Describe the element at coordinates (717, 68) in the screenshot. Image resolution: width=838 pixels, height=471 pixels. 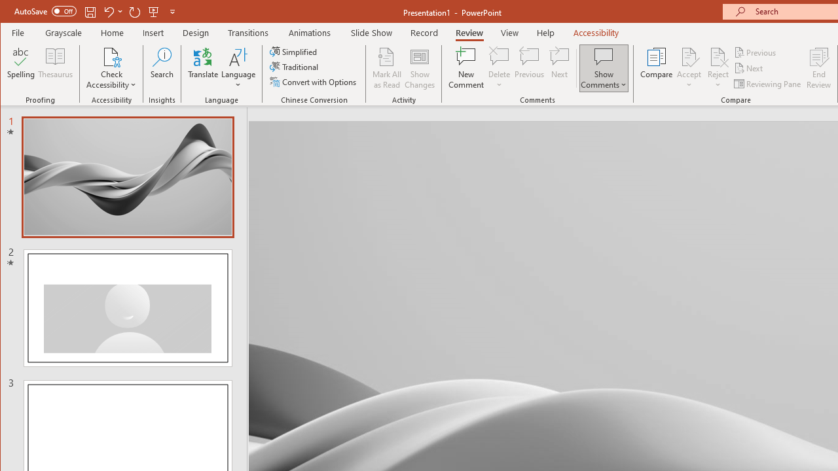
I see `'Reject'` at that location.